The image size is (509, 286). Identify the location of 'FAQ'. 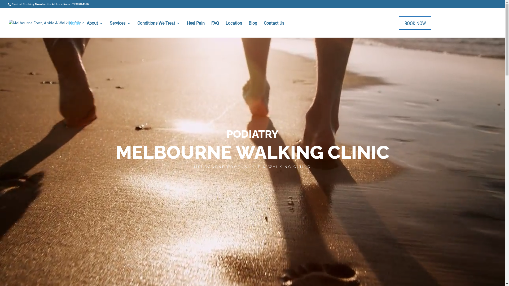
(211, 29).